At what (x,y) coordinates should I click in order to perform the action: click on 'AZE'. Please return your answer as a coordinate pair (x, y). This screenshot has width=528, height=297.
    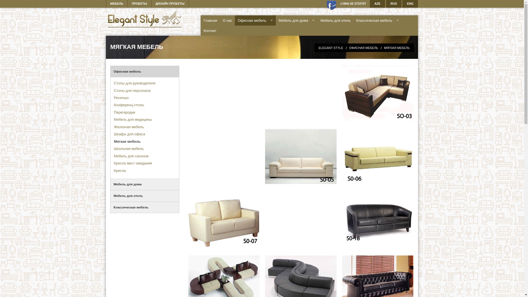
    Looking at the image, I should click on (377, 4).